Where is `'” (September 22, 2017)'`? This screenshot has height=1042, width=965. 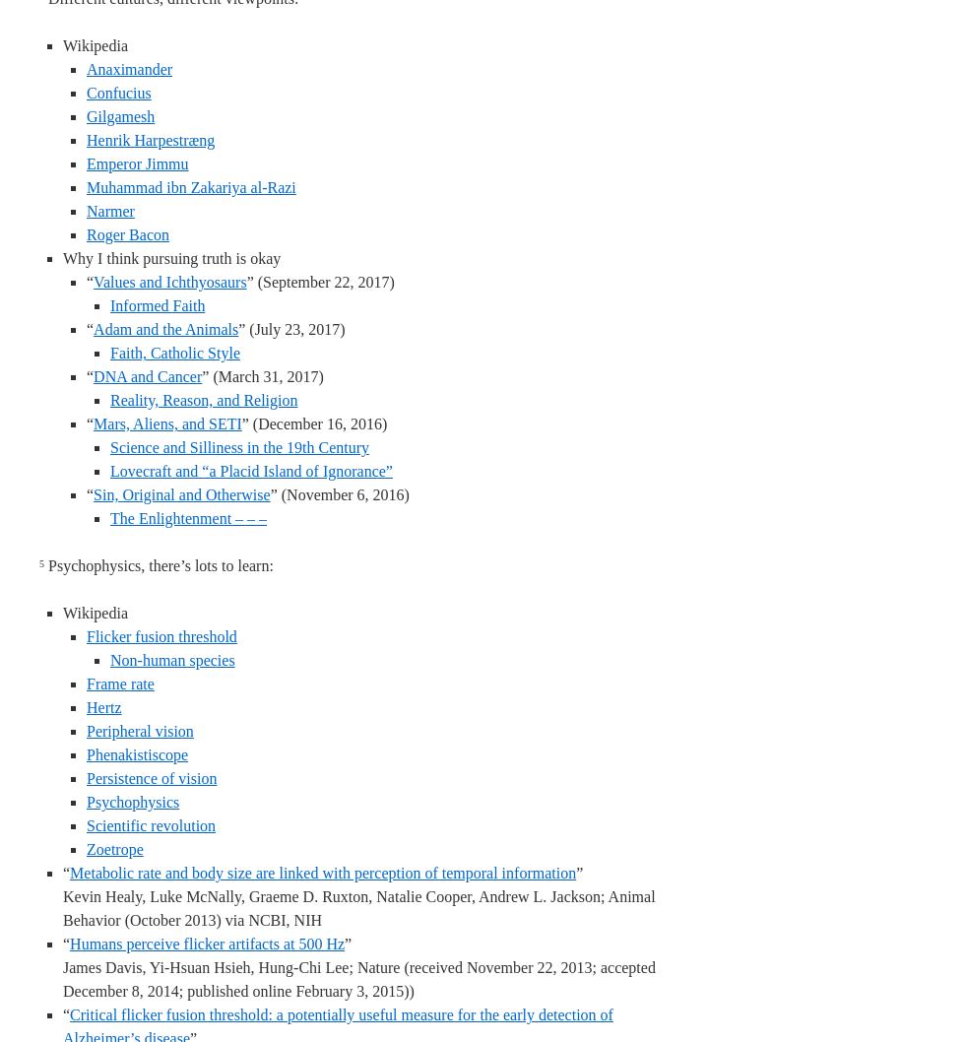 '” (September 22, 2017)' is located at coordinates (245, 281).